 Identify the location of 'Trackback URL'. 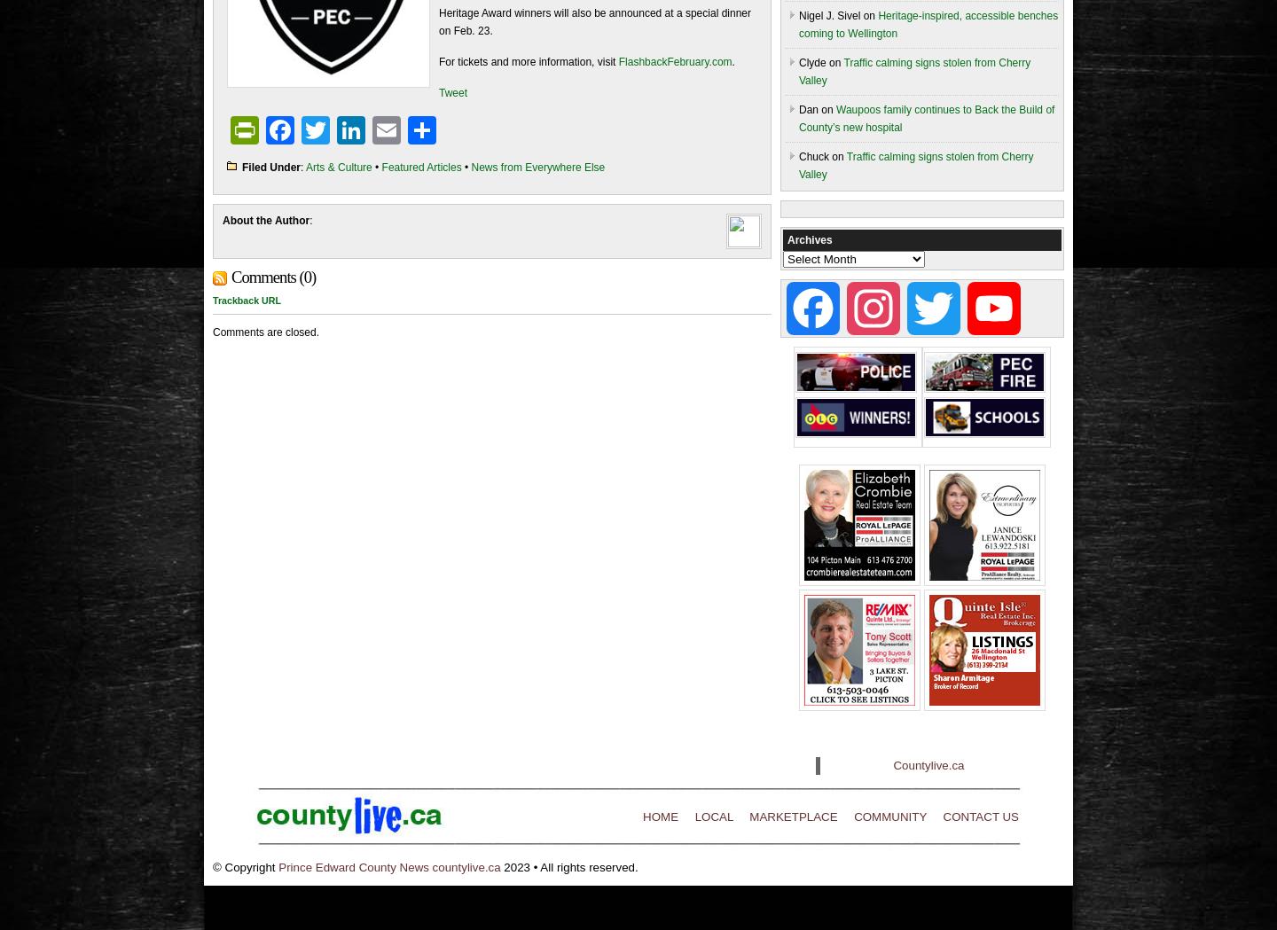
(213, 300).